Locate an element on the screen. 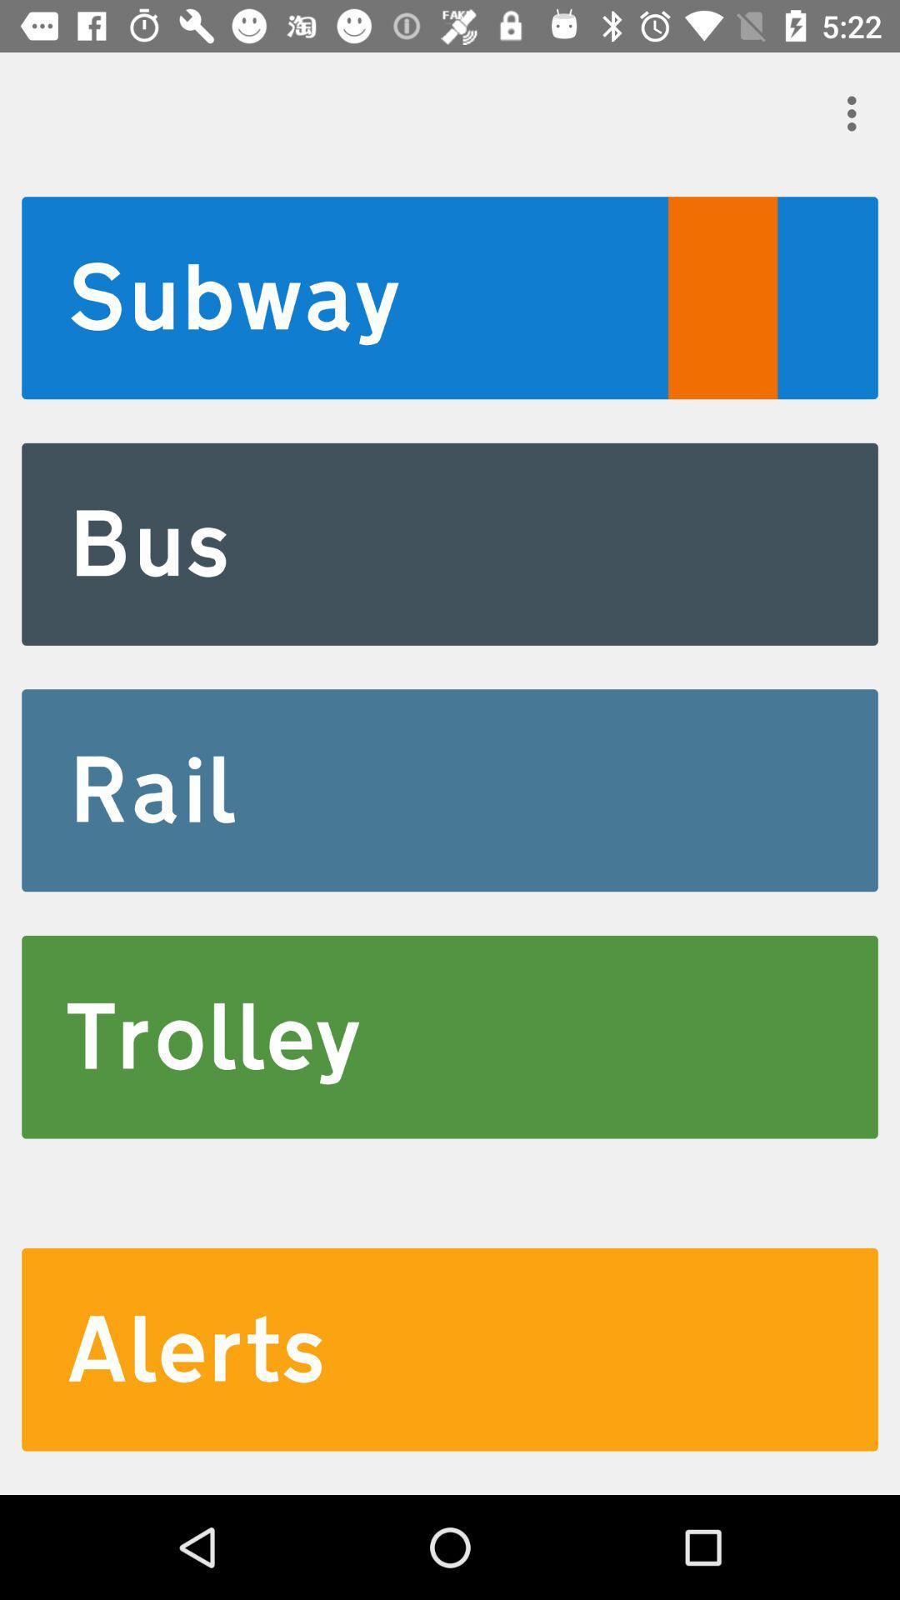  item at the top right corner is located at coordinates (856, 112).